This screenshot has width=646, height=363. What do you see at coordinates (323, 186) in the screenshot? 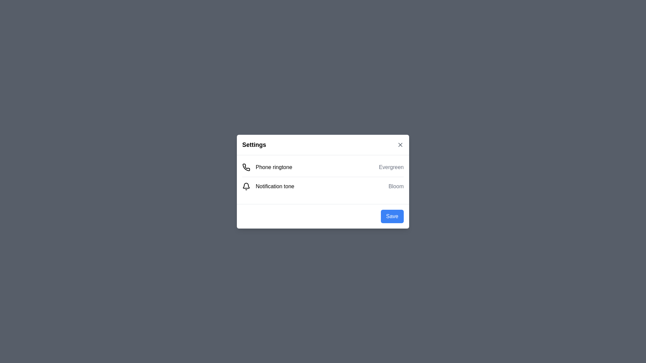
I see `the configuration option for selecting the notification tone labeled 'Bloom', which is the second item` at bounding box center [323, 186].